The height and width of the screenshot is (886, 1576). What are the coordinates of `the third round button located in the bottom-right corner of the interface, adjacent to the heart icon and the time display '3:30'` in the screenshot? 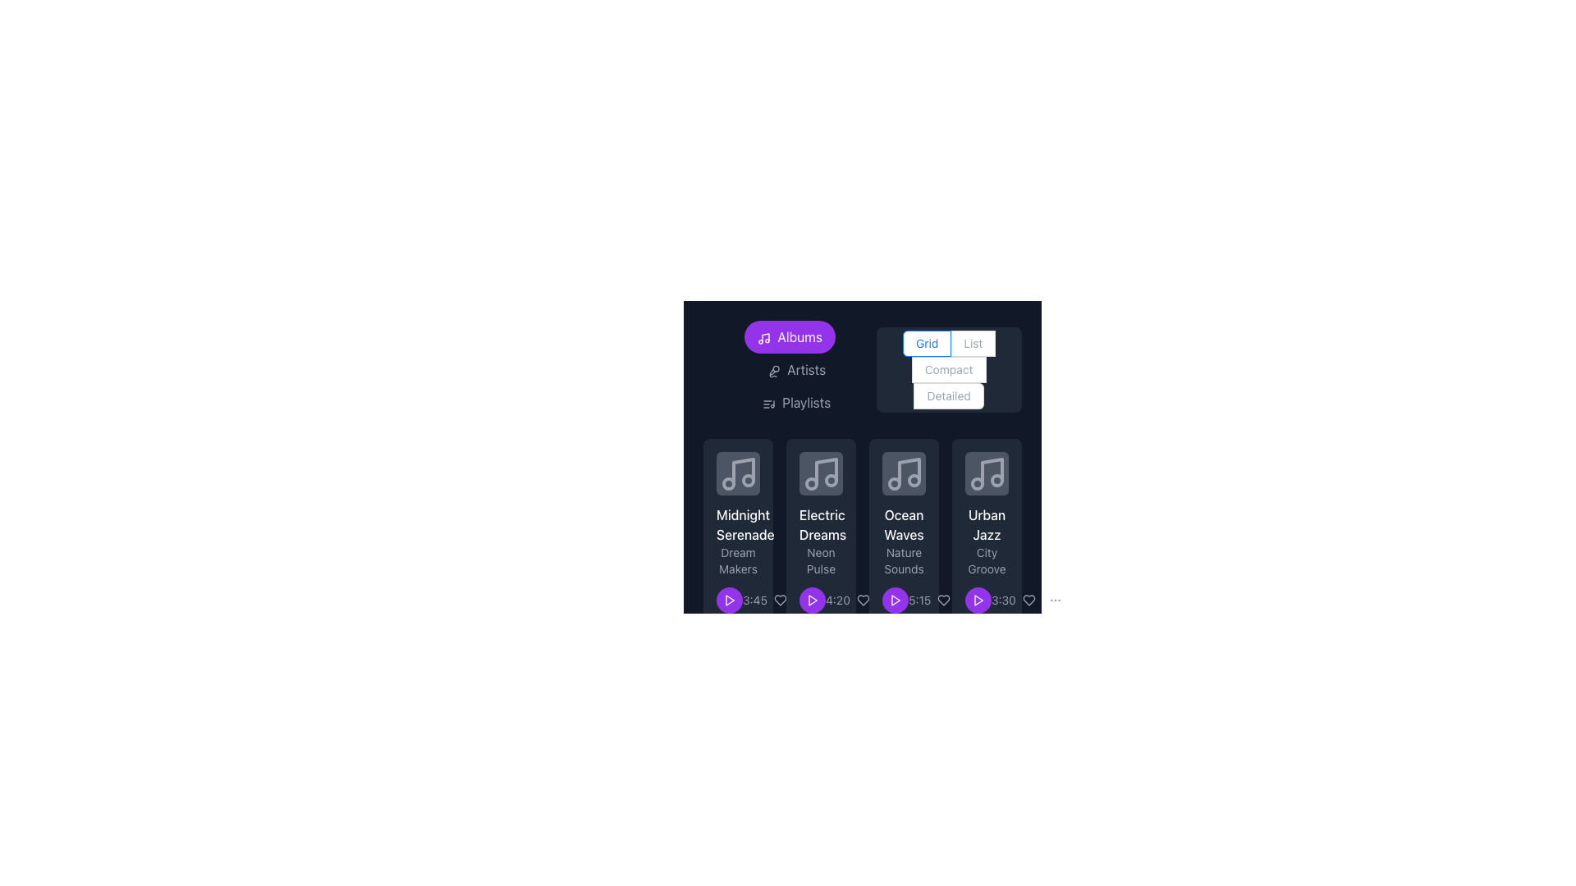 It's located at (807, 601).